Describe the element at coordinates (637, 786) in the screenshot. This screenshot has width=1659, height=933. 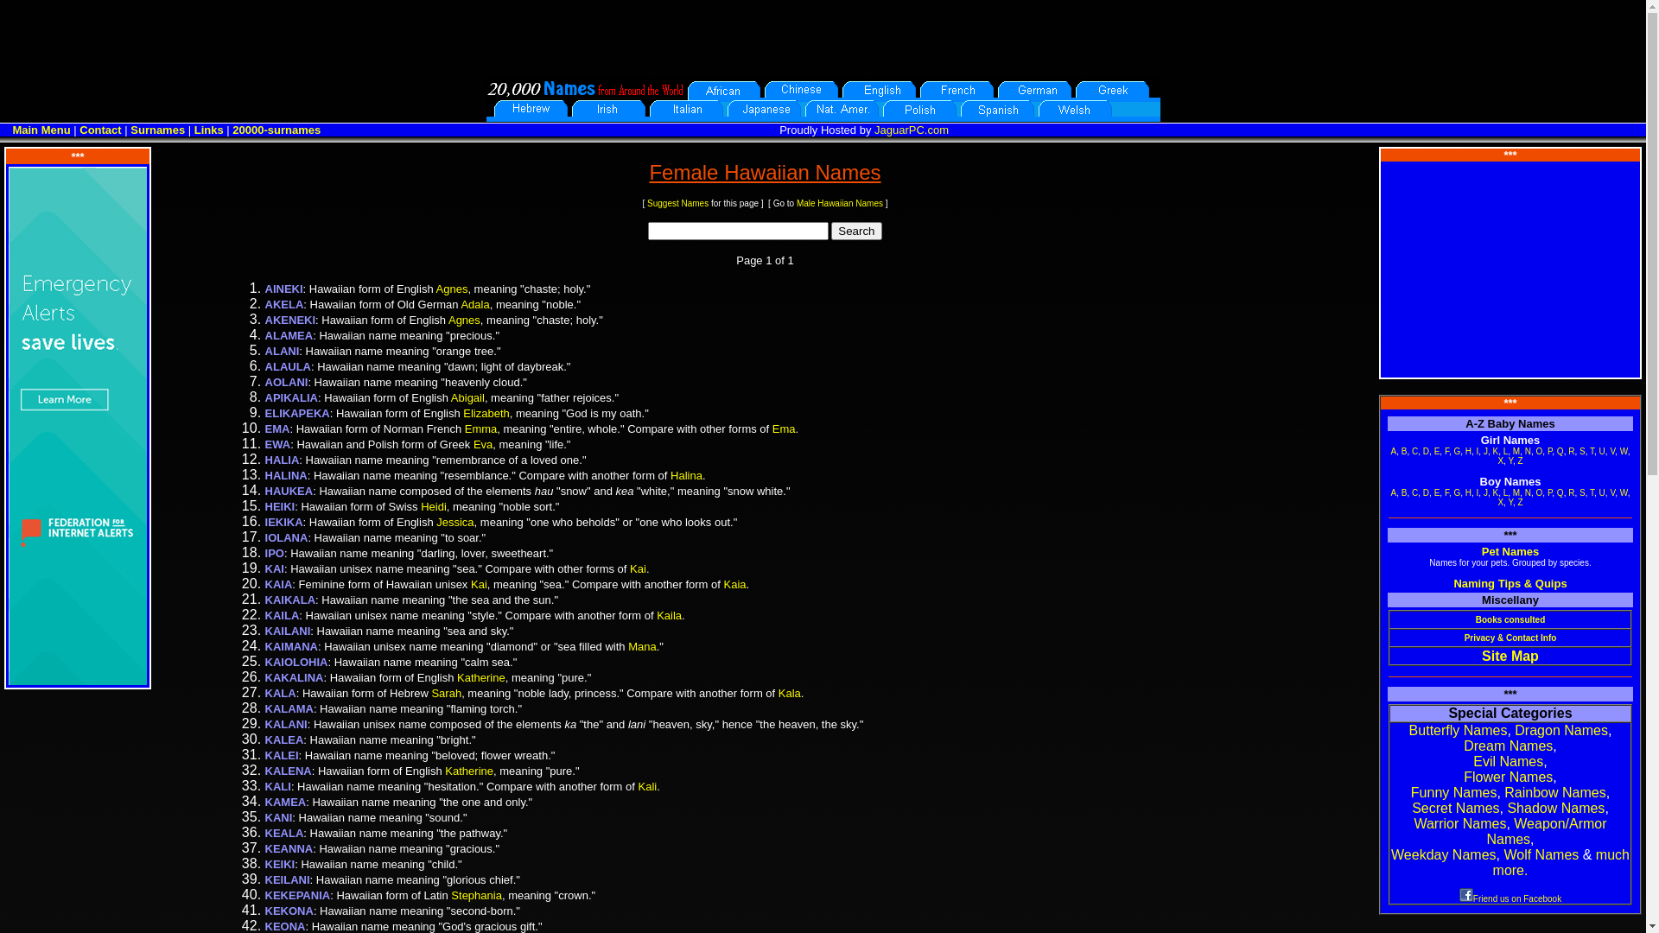
I see `'Kali'` at that location.